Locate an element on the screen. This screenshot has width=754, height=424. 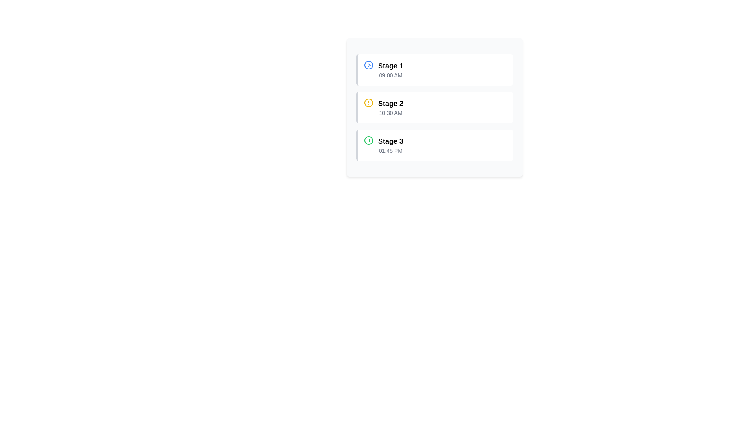
the 'Stage 2' grouped text label is located at coordinates (390, 107).